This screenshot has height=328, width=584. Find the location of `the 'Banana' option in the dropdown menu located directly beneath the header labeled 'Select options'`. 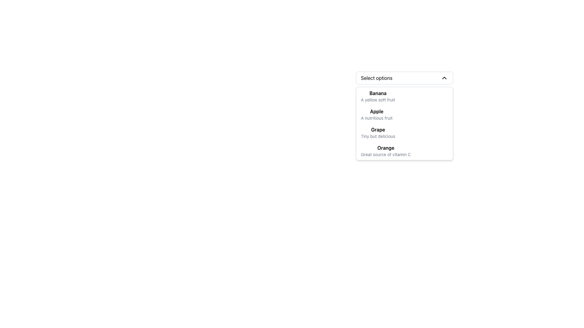

the 'Banana' option in the dropdown menu located directly beneath the header labeled 'Select options' is located at coordinates (377, 96).